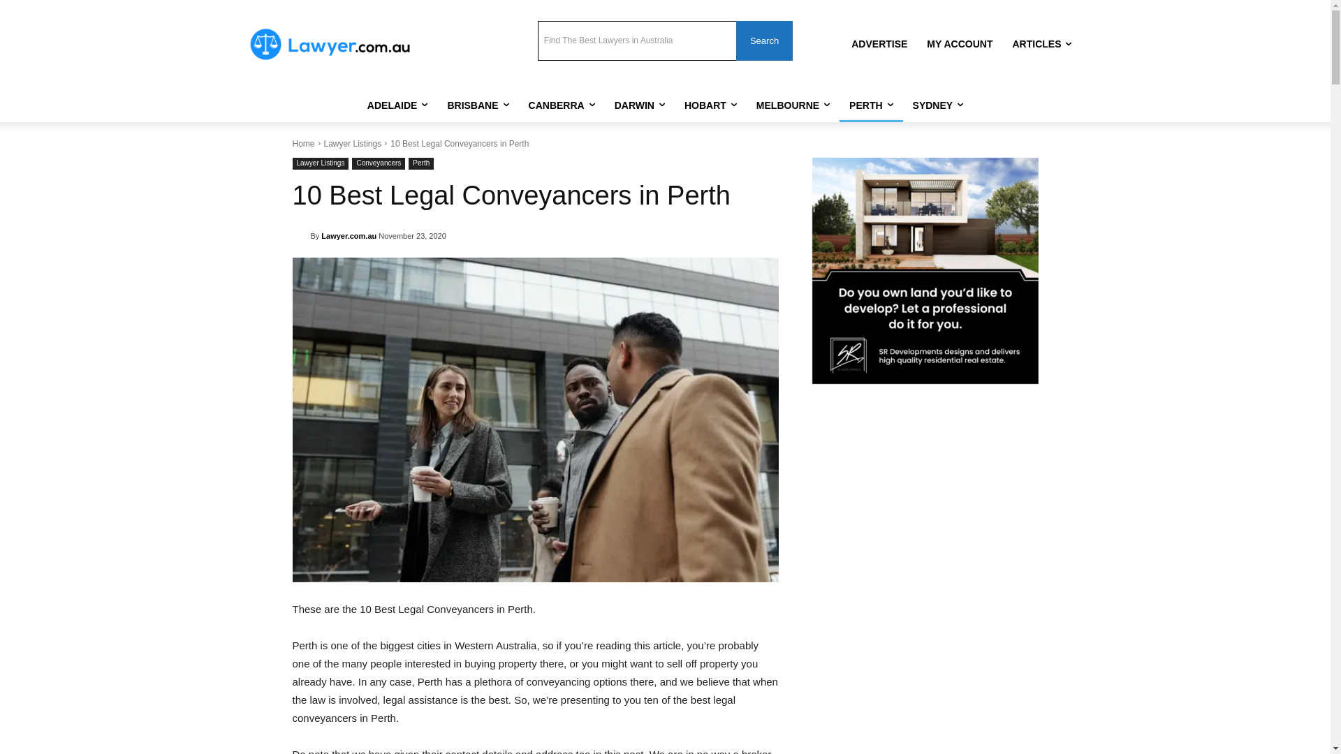 This screenshot has height=754, width=1341. I want to click on 'Lawyer.com.au Logo', so click(328, 43).